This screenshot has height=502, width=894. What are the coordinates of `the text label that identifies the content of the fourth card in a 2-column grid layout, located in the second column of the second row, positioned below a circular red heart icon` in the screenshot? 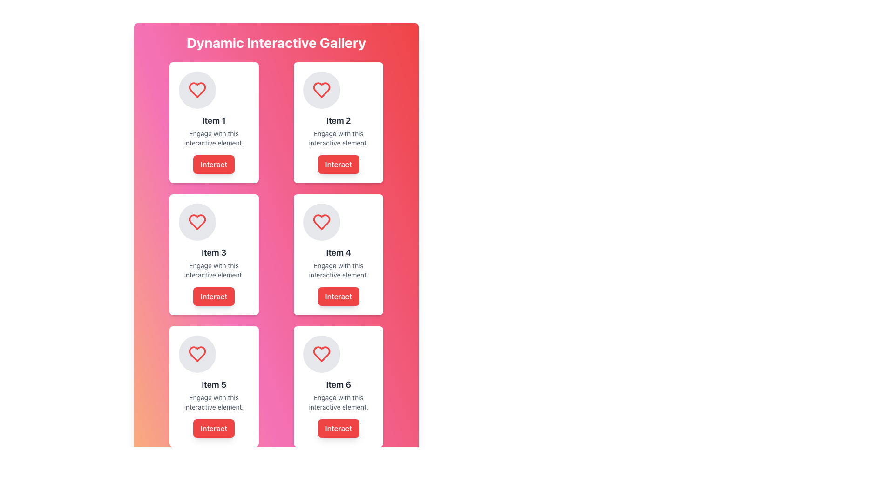 It's located at (338, 252).